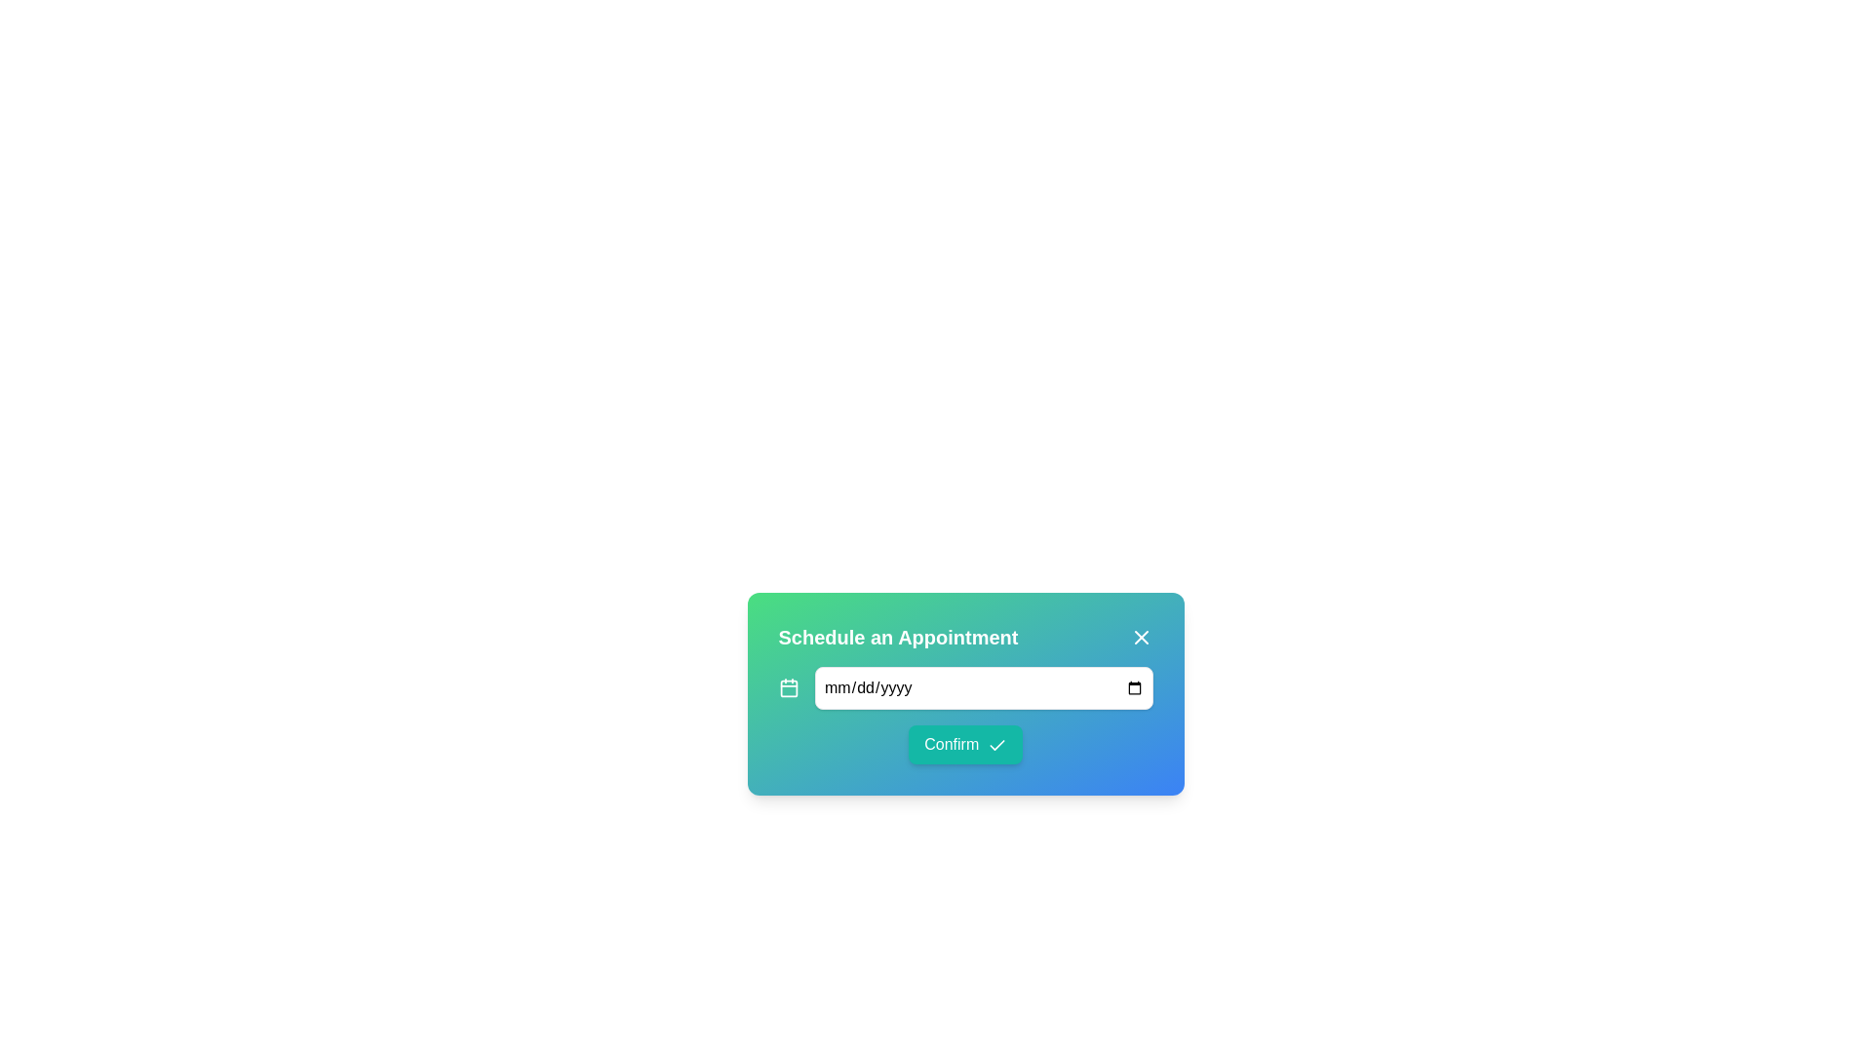 Image resolution: width=1872 pixels, height=1053 pixels. Describe the element at coordinates (1141, 638) in the screenshot. I see `the close icon located in the top-right corner of the 'Schedule an Appointment' modal` at that location.